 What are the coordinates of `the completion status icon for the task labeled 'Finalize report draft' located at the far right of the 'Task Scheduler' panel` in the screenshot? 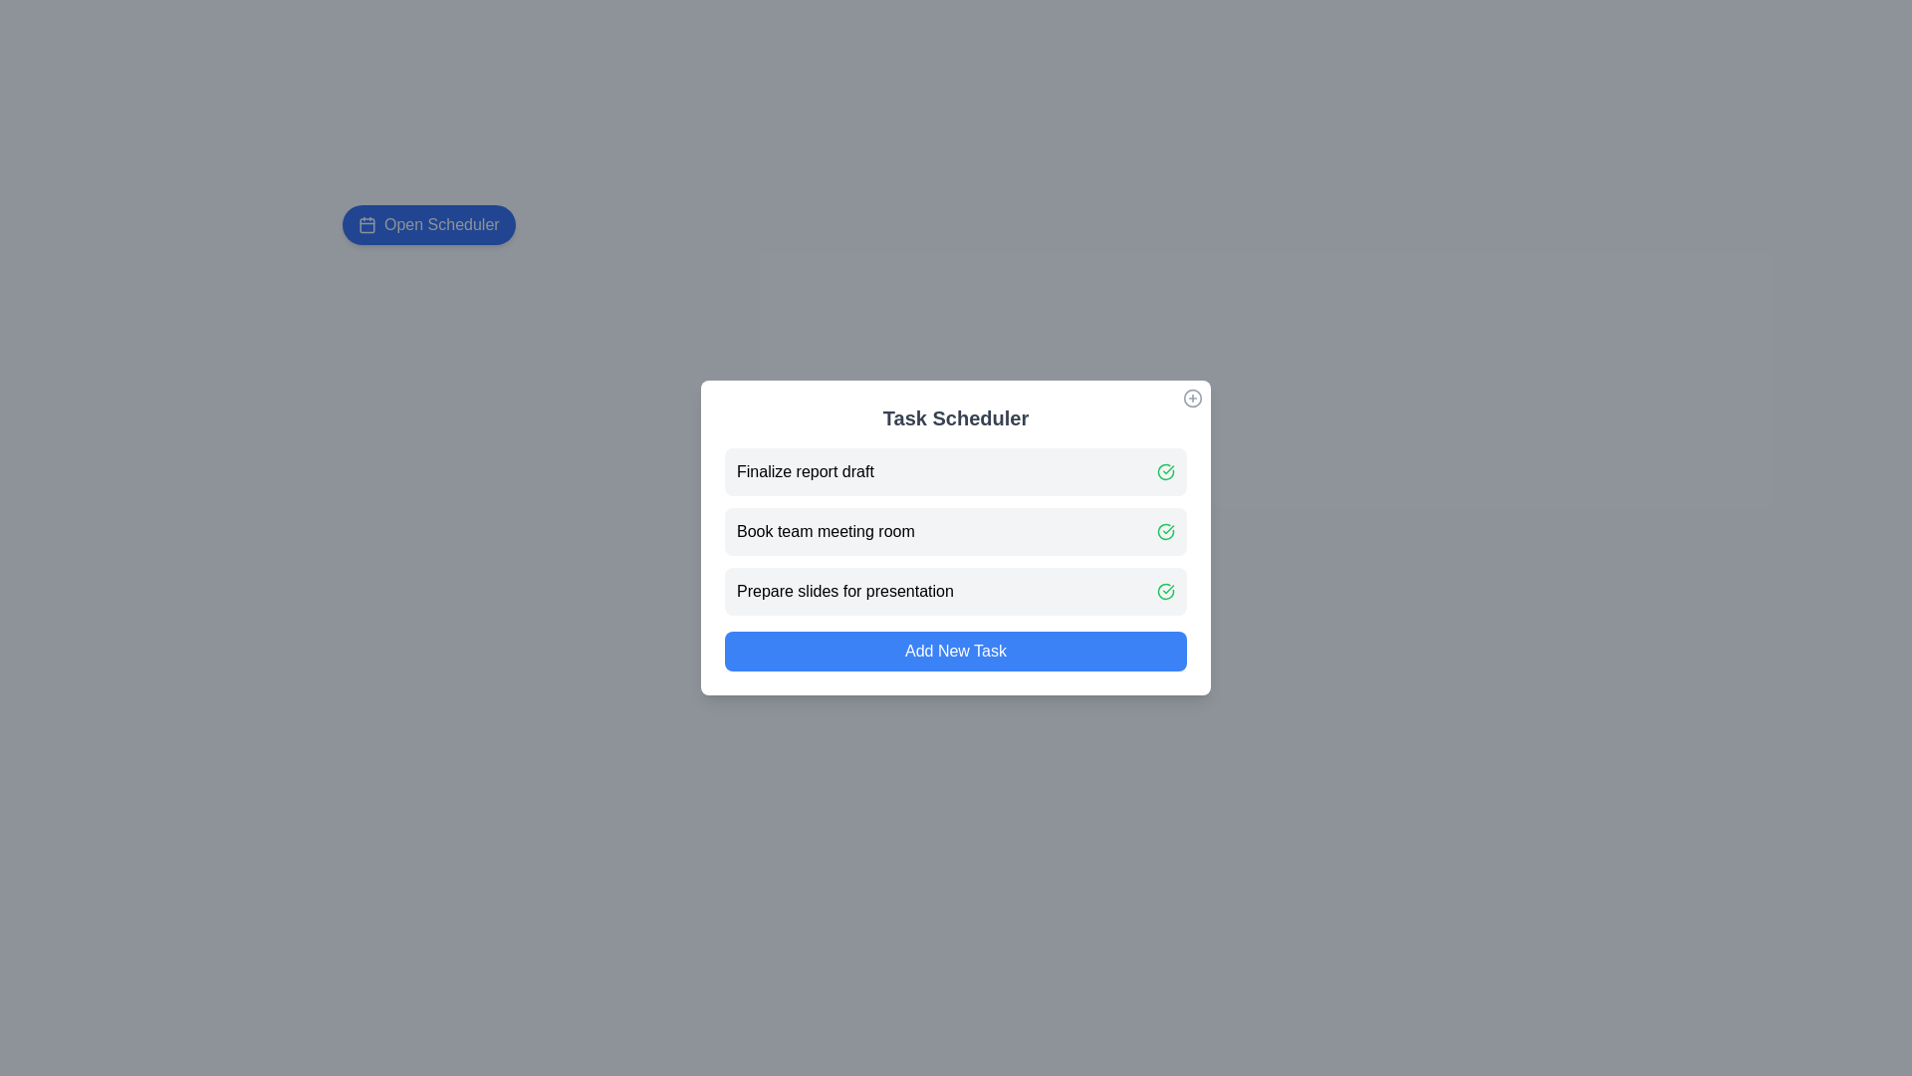 It's located at (1166, 472).